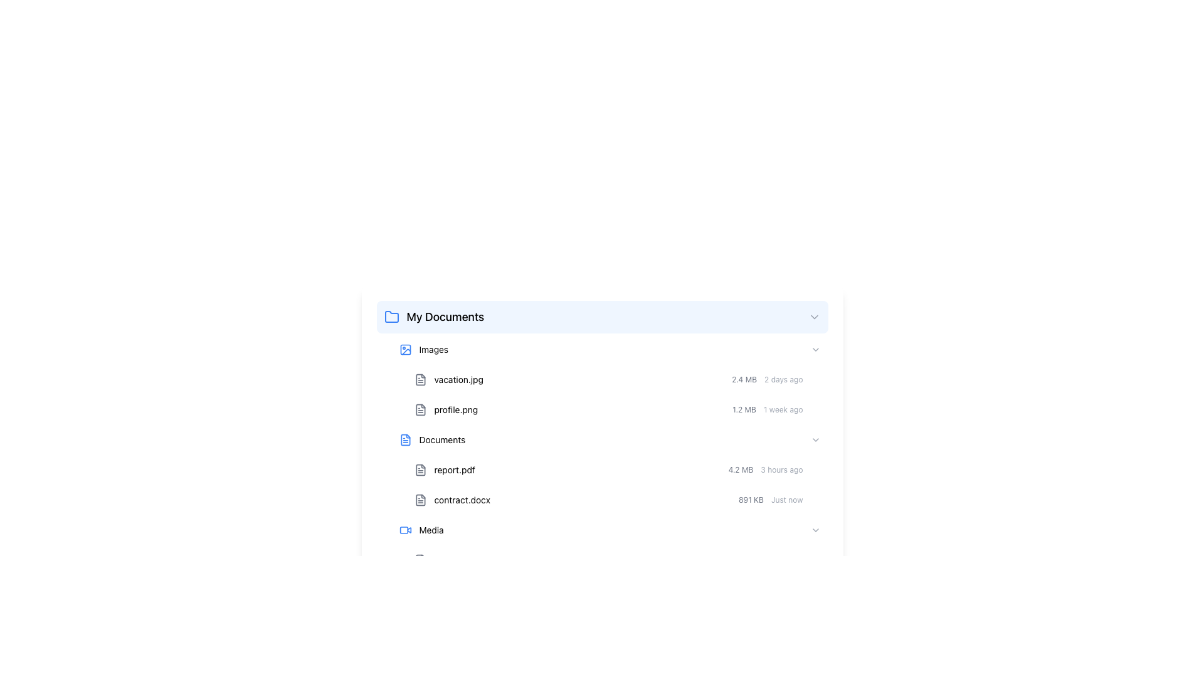 This screenshot has width=1204, height=677. Describe the element at coordinates (617, 500) in the screenshot. I see `the list item representing the file 'contract.docx', which is the second item under the 'Documents' section` at that location.